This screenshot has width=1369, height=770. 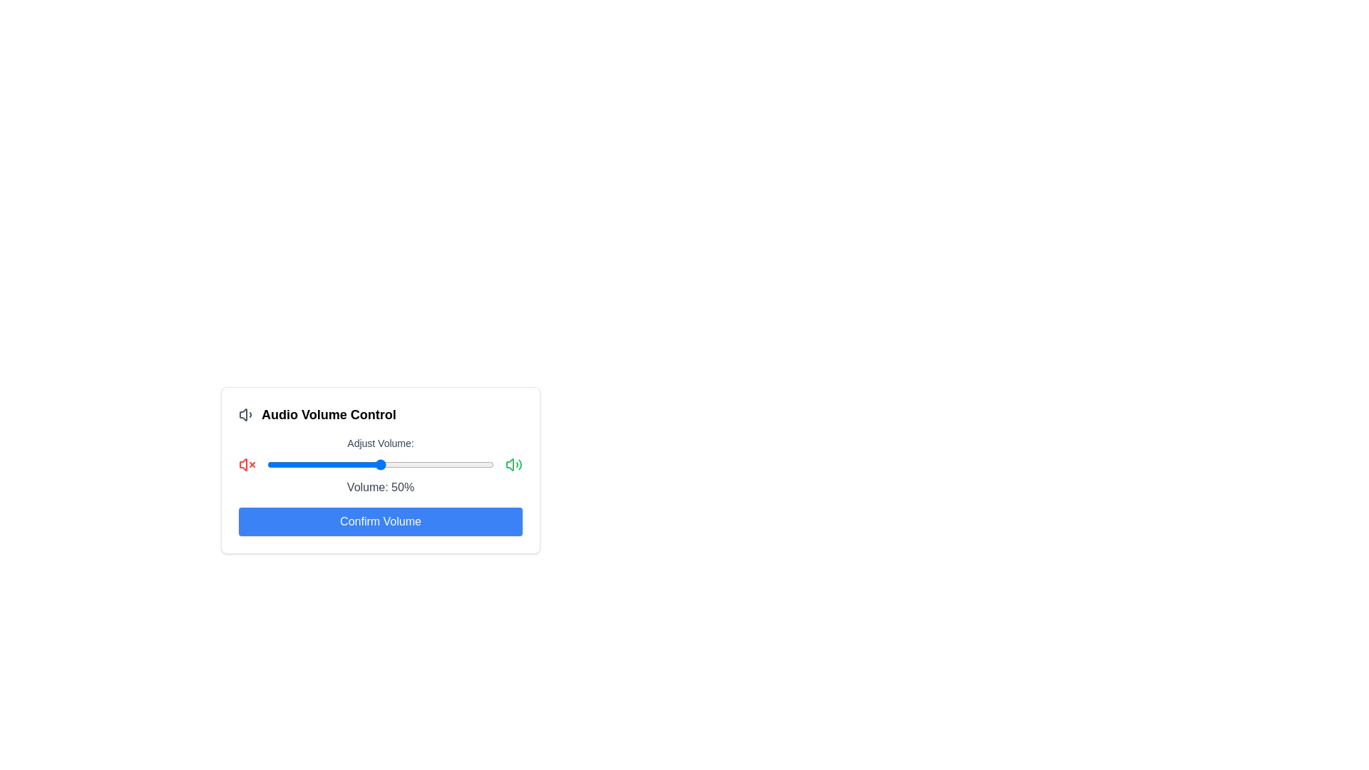 I want to click on the mute icon to adjust the volume state, so click(x=247, y=464).